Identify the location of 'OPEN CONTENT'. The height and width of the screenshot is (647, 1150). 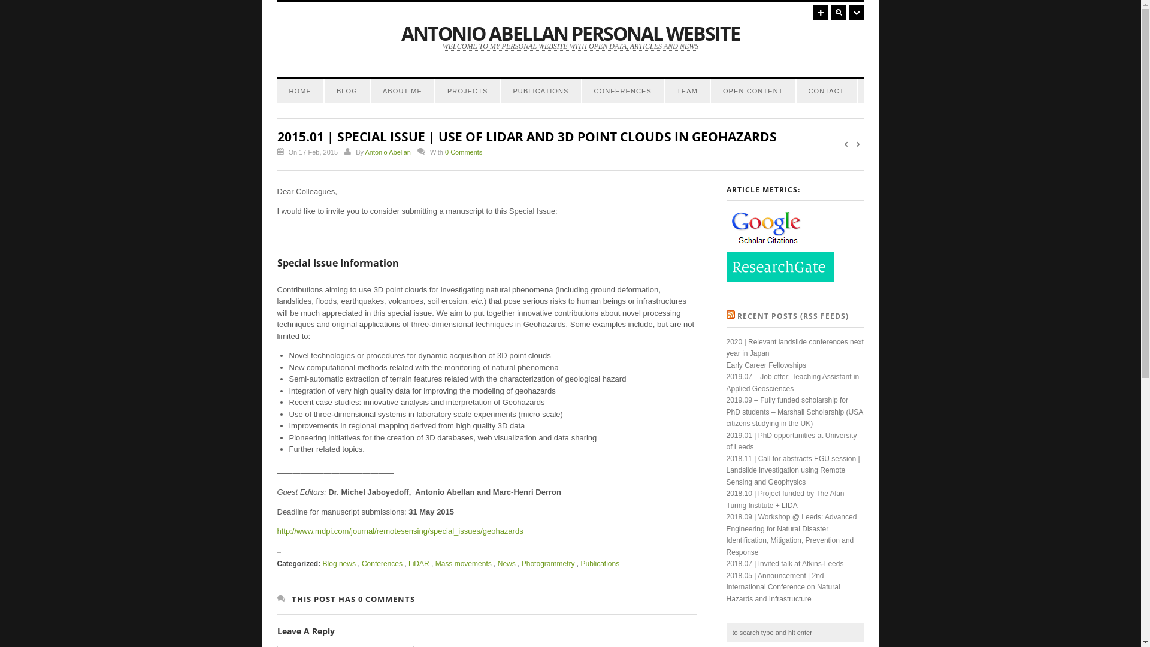
(752, 90).